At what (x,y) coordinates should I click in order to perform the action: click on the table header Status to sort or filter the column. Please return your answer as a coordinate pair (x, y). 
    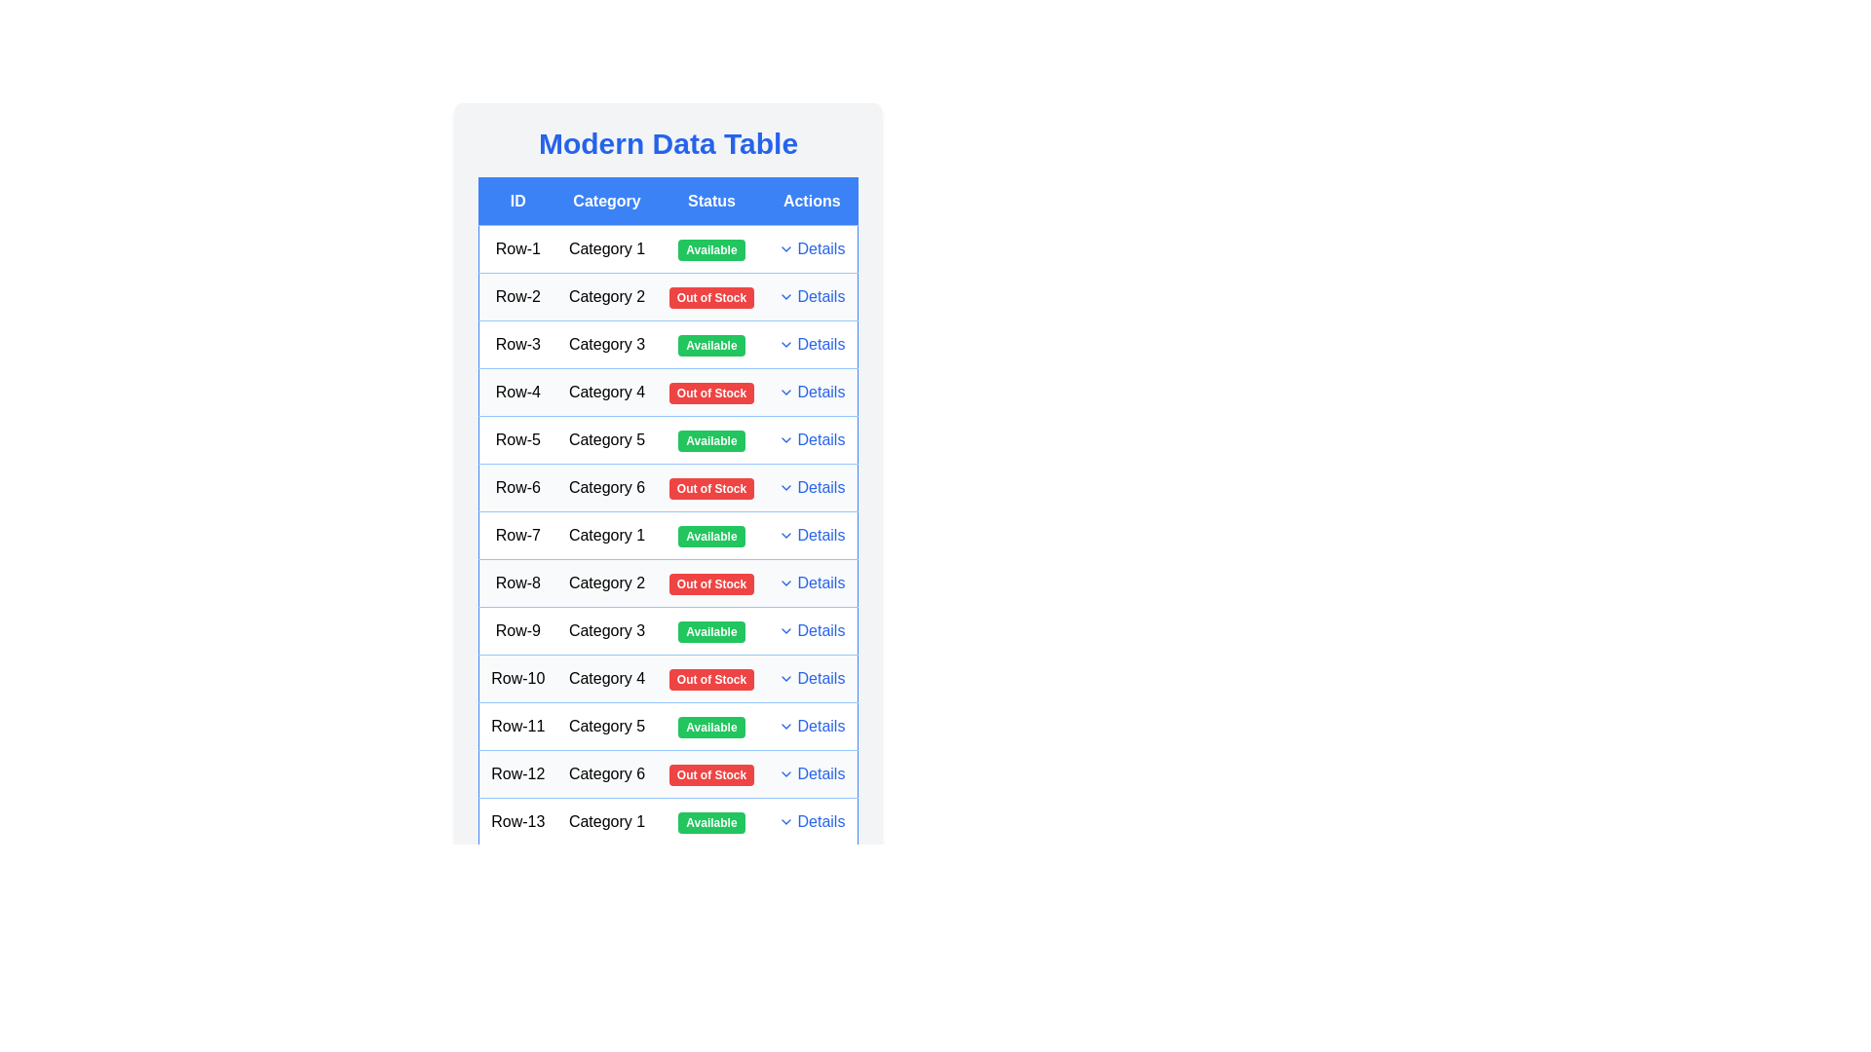
    Looking at the image, I should click on (710, 202).